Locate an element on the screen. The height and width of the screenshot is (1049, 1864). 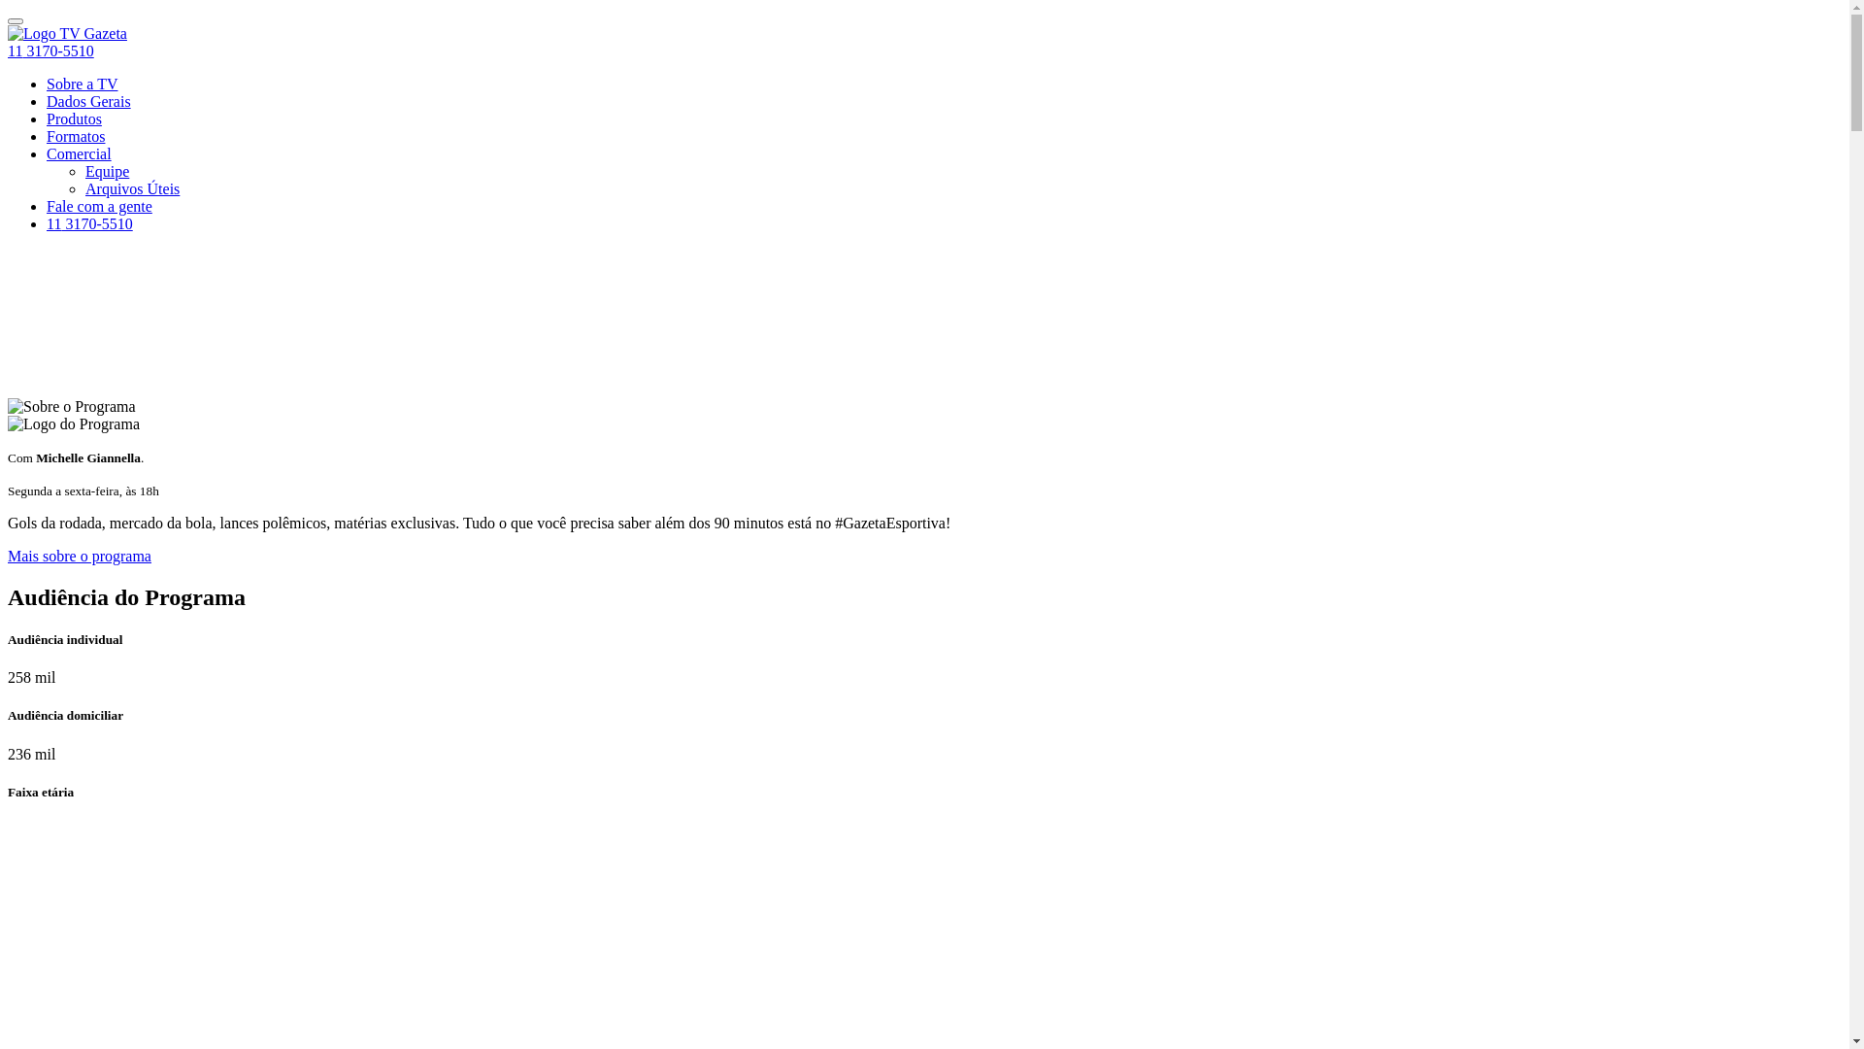
'Mais sobre o programa' is located at coordinates (78, 556).